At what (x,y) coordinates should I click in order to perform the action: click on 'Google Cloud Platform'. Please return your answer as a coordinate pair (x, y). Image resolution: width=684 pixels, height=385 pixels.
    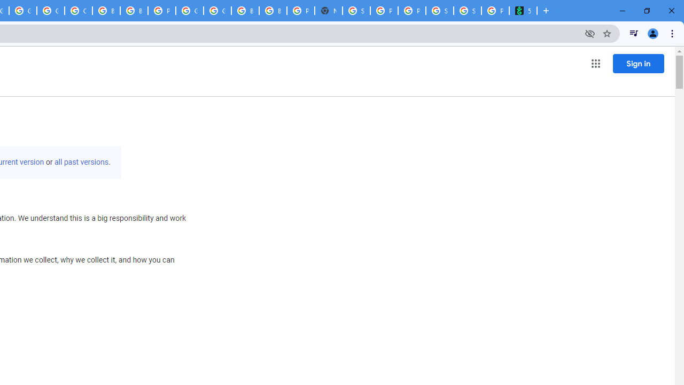
    Looking at the image, I should click on (190, 11).